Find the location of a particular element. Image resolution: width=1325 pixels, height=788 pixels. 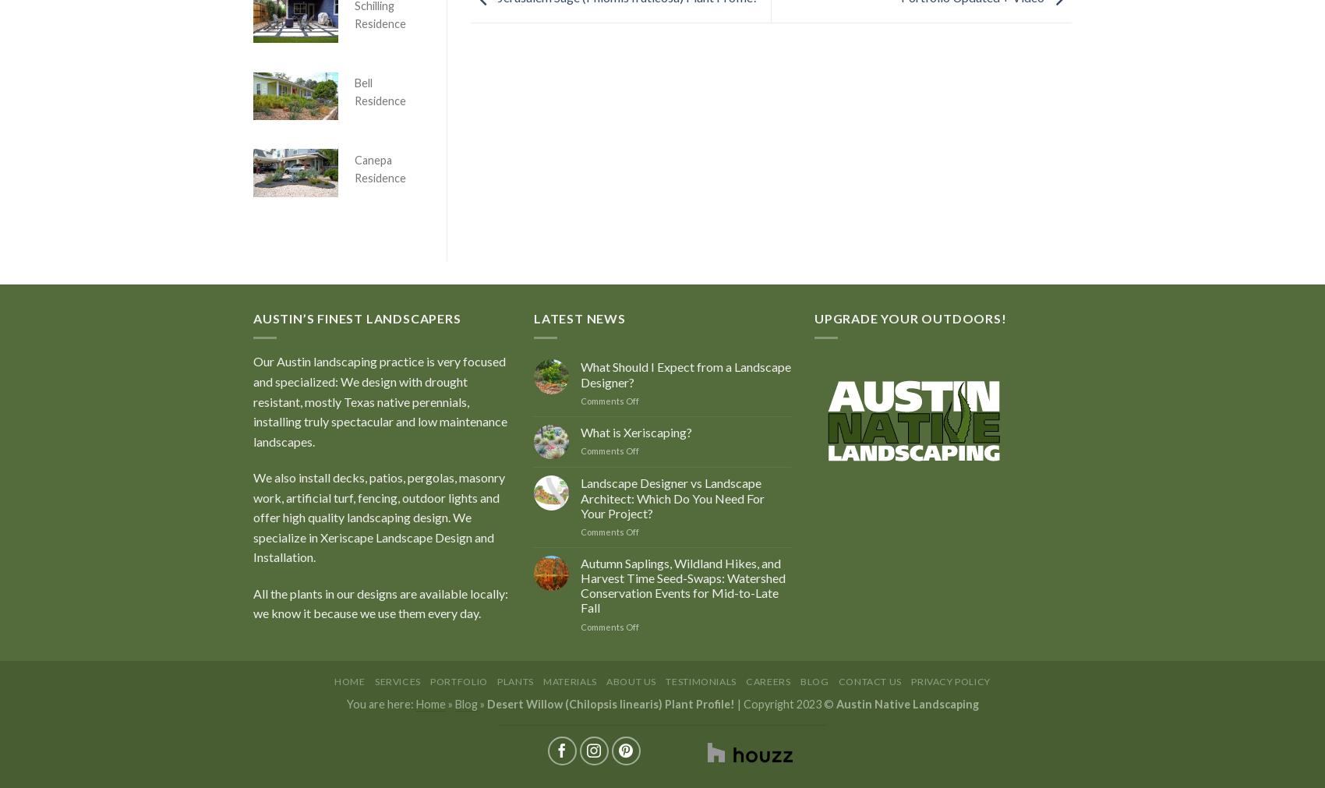

'Canepa Residence' is located at coordinates (380, 168).